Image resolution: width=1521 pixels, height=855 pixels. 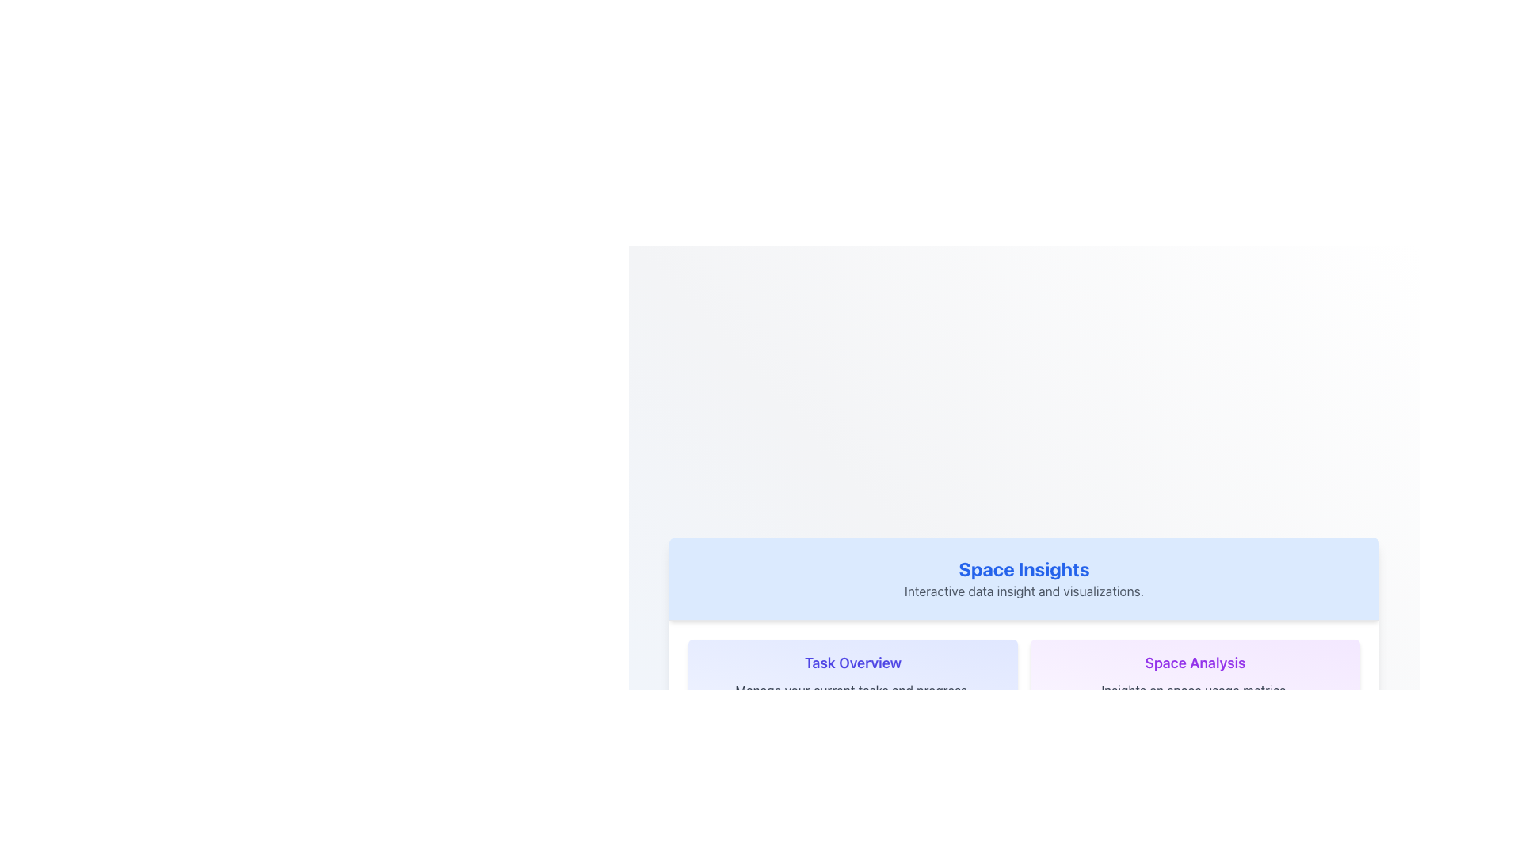 What do you see at coordinates (852, 689) in the screenshot?
I see `the descriptive text element located directly underneath 'Task Overview' in the bottom-left quadrant of the interface` at bounding box center [852, 689].